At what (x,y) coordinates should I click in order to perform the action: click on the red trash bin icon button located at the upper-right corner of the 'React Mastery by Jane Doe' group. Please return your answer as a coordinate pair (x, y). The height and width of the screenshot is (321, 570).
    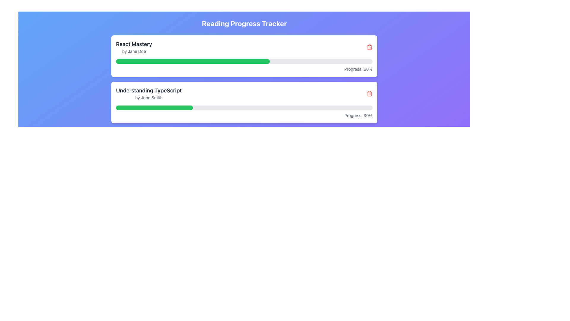
    Looking at the image, I should click on (369, 47).